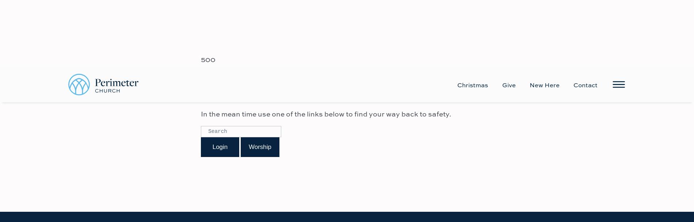 The width and height of the screenshot is (694, 222). I want to click on 'Worship', so click(260, 79).